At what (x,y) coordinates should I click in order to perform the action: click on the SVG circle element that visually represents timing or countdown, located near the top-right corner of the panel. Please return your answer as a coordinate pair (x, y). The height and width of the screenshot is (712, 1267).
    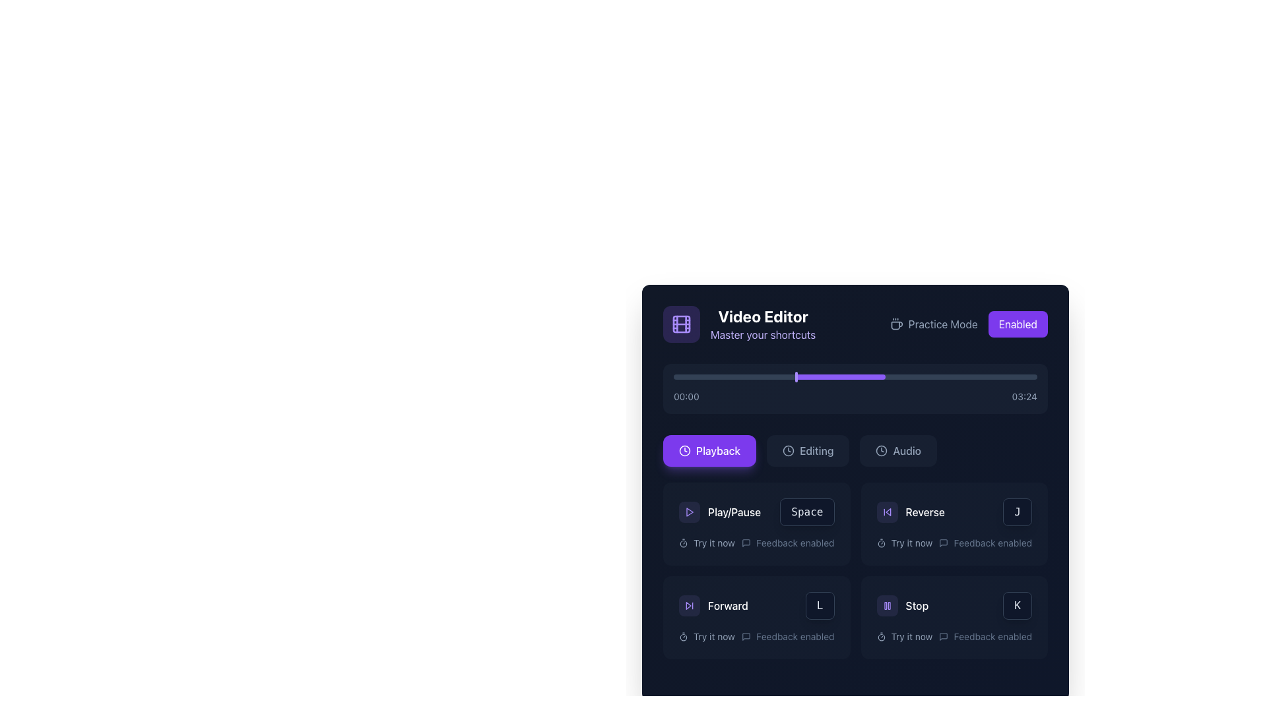
    Looking at the image, I should click on (684, 637).